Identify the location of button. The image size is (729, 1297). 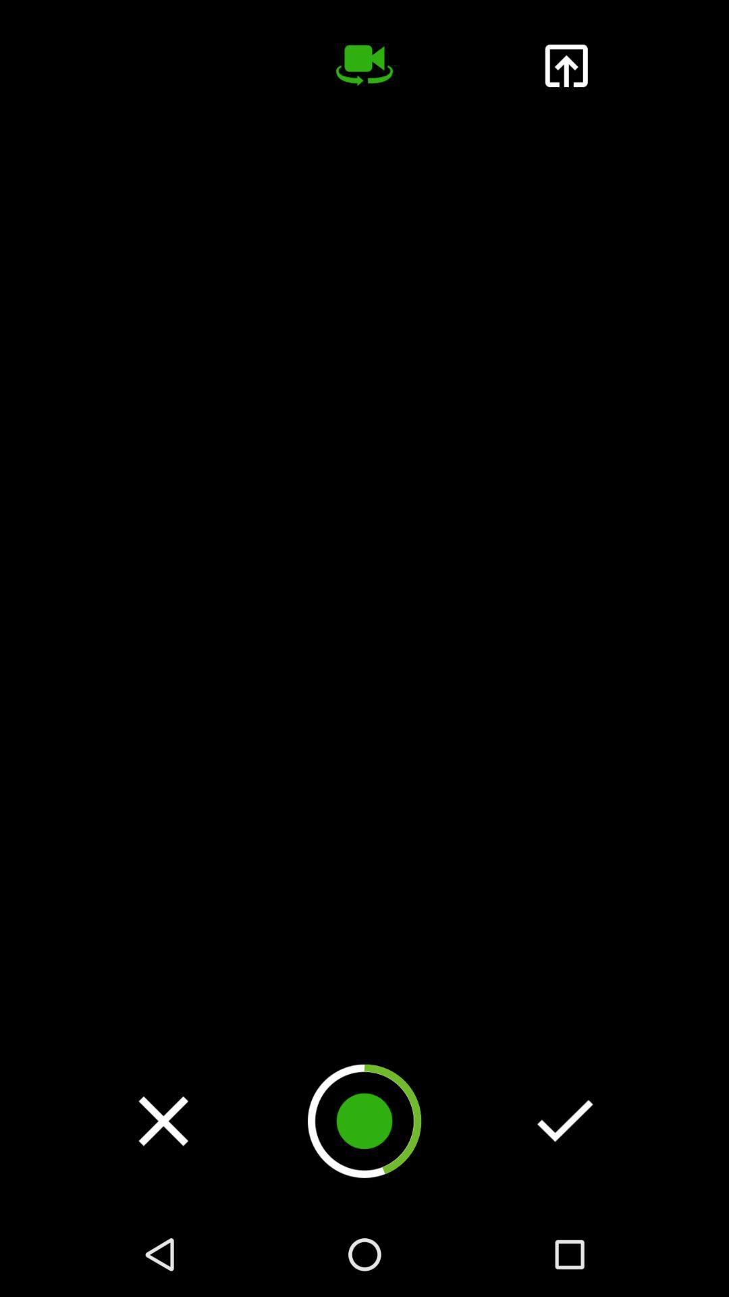
(163, 1121).